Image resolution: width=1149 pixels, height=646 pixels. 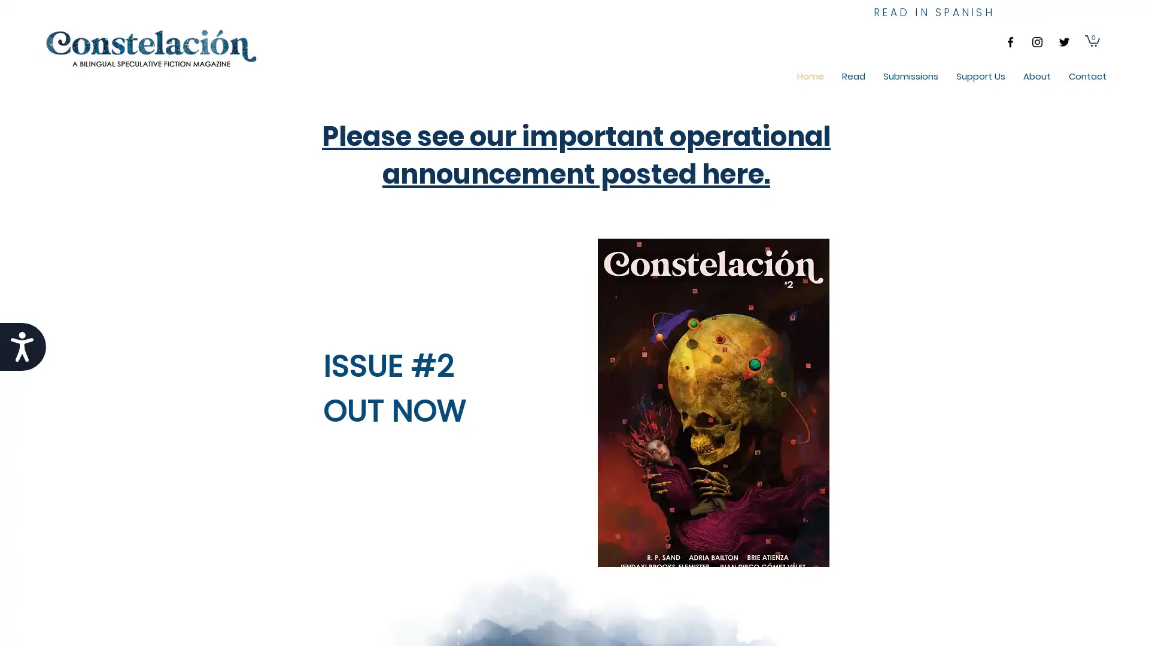 What do you see at coordinates (1134, 624) in the screenshot?
I see `Close` at bounding box center [1134, 624].